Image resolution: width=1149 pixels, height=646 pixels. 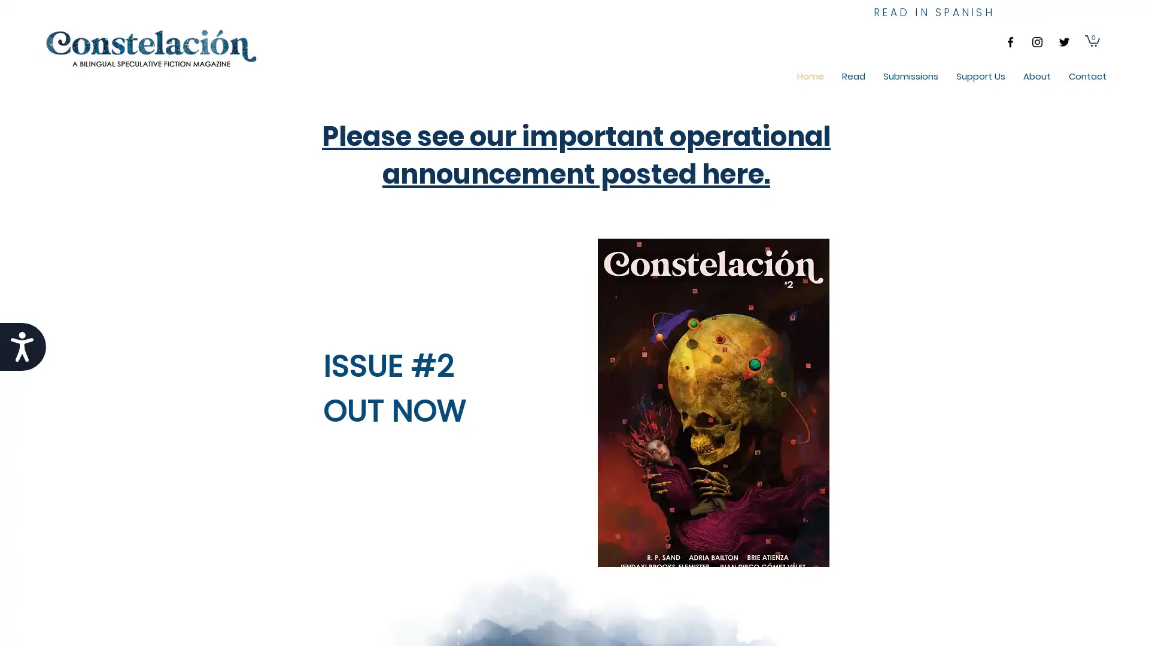 What do you see at coordinates (1134, 624) in the screenshot?
I see `Close` at bounding box center [1134, 624].